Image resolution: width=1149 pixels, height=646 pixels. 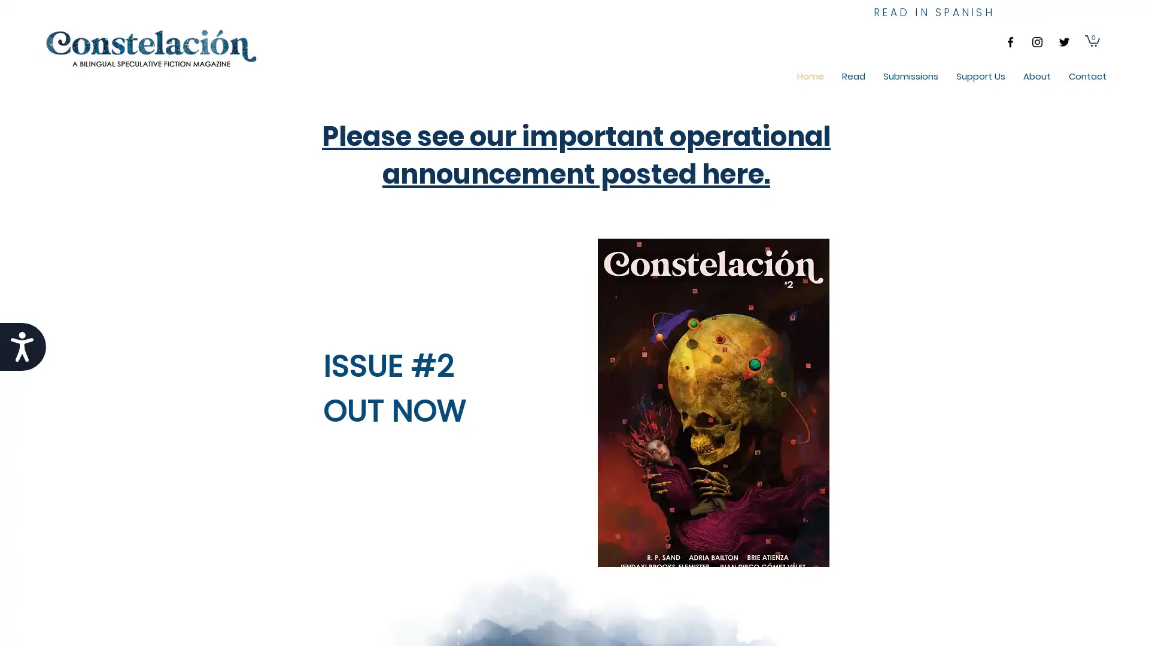 What do you see at coordinates (1134, 624) in the screenshot?
I see `Close` at bounding box center [1134, 624].